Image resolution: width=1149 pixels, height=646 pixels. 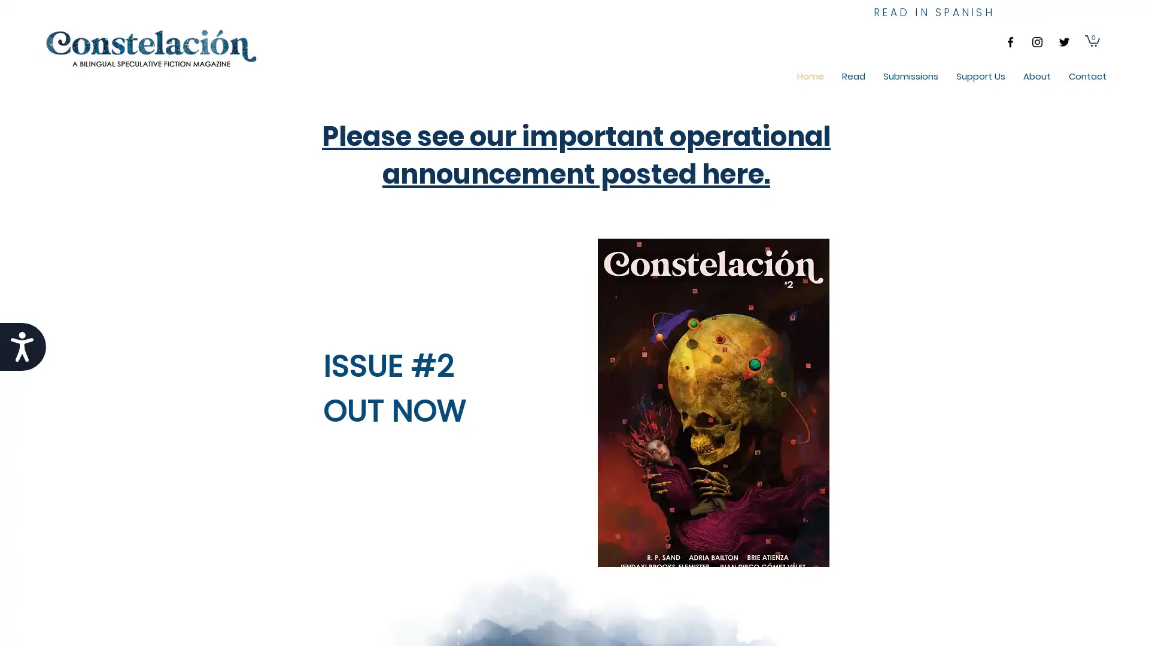 What do you see at coordinates (1134, 624) in the screenshot?
I see `Close` at bounding box center [1134, 624].